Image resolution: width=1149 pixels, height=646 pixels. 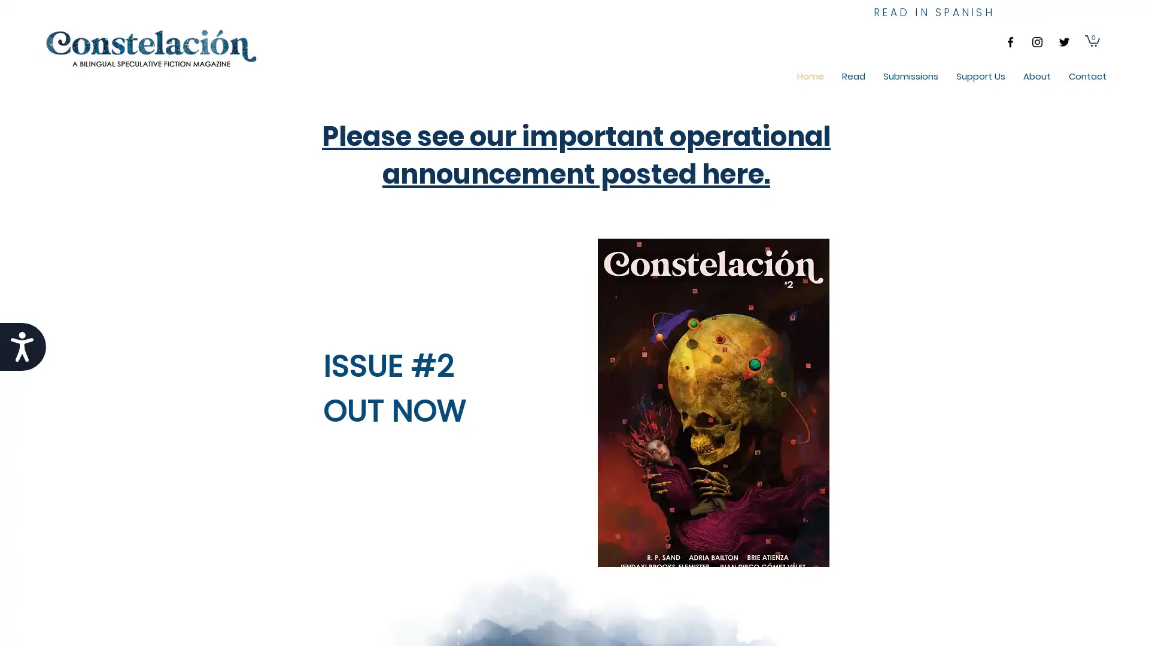 What do you see at coordinates (1134, 624) in the screenshot?
I see `Close` at bounding box center [1134, 624].